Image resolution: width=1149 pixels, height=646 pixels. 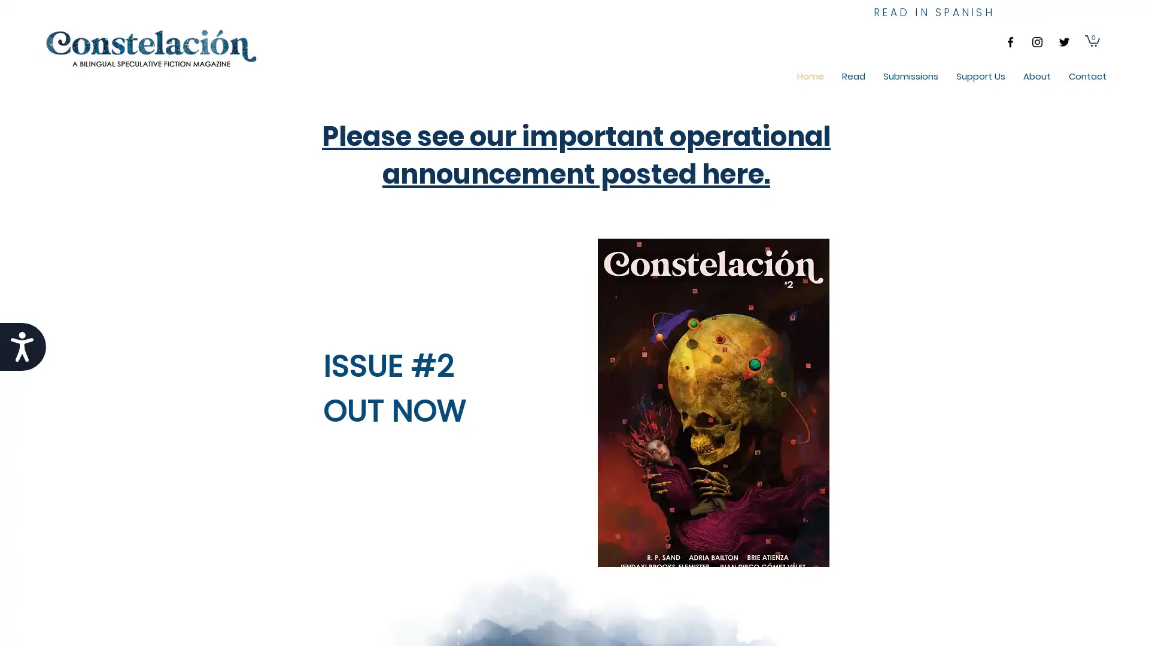 What do you see at coordinates (1134, 624) in the screenshot?
I see `Close` at bounding box center [1134, 624].